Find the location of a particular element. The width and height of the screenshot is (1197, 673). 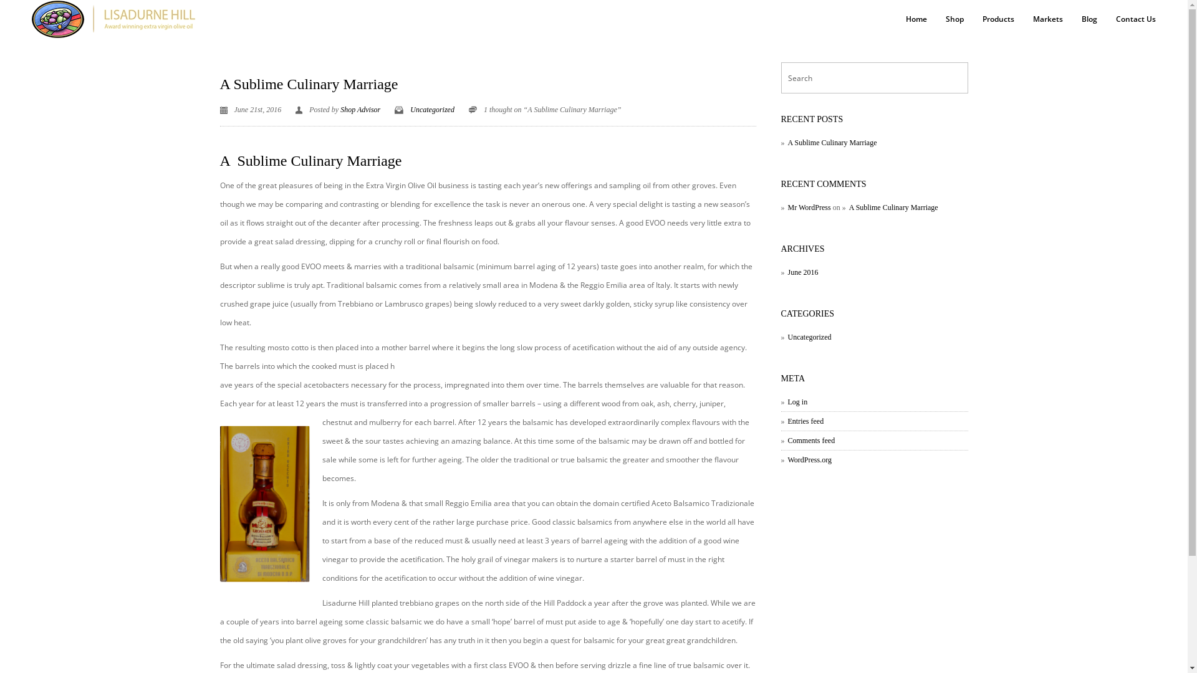

'Mr WordPress' is located at coordinates (805, 206).